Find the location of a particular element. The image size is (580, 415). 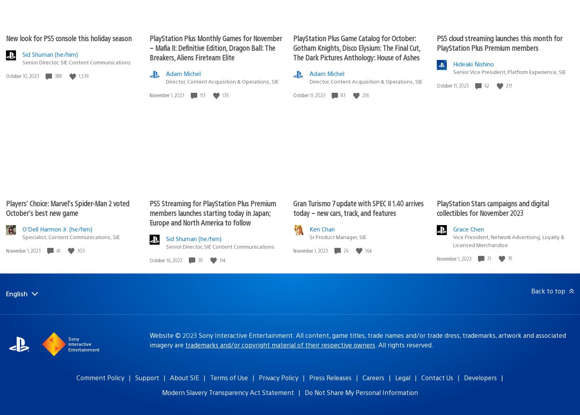

'August 25, 2015 at 4:21 PM UTC' is located at coordinates (110, 5).